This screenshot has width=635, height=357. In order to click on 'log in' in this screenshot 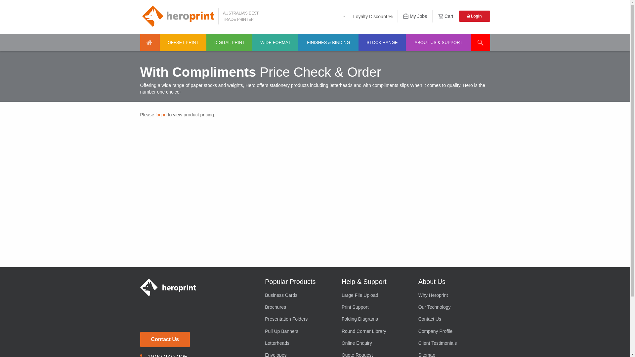, I will do `click(161, 114)`.